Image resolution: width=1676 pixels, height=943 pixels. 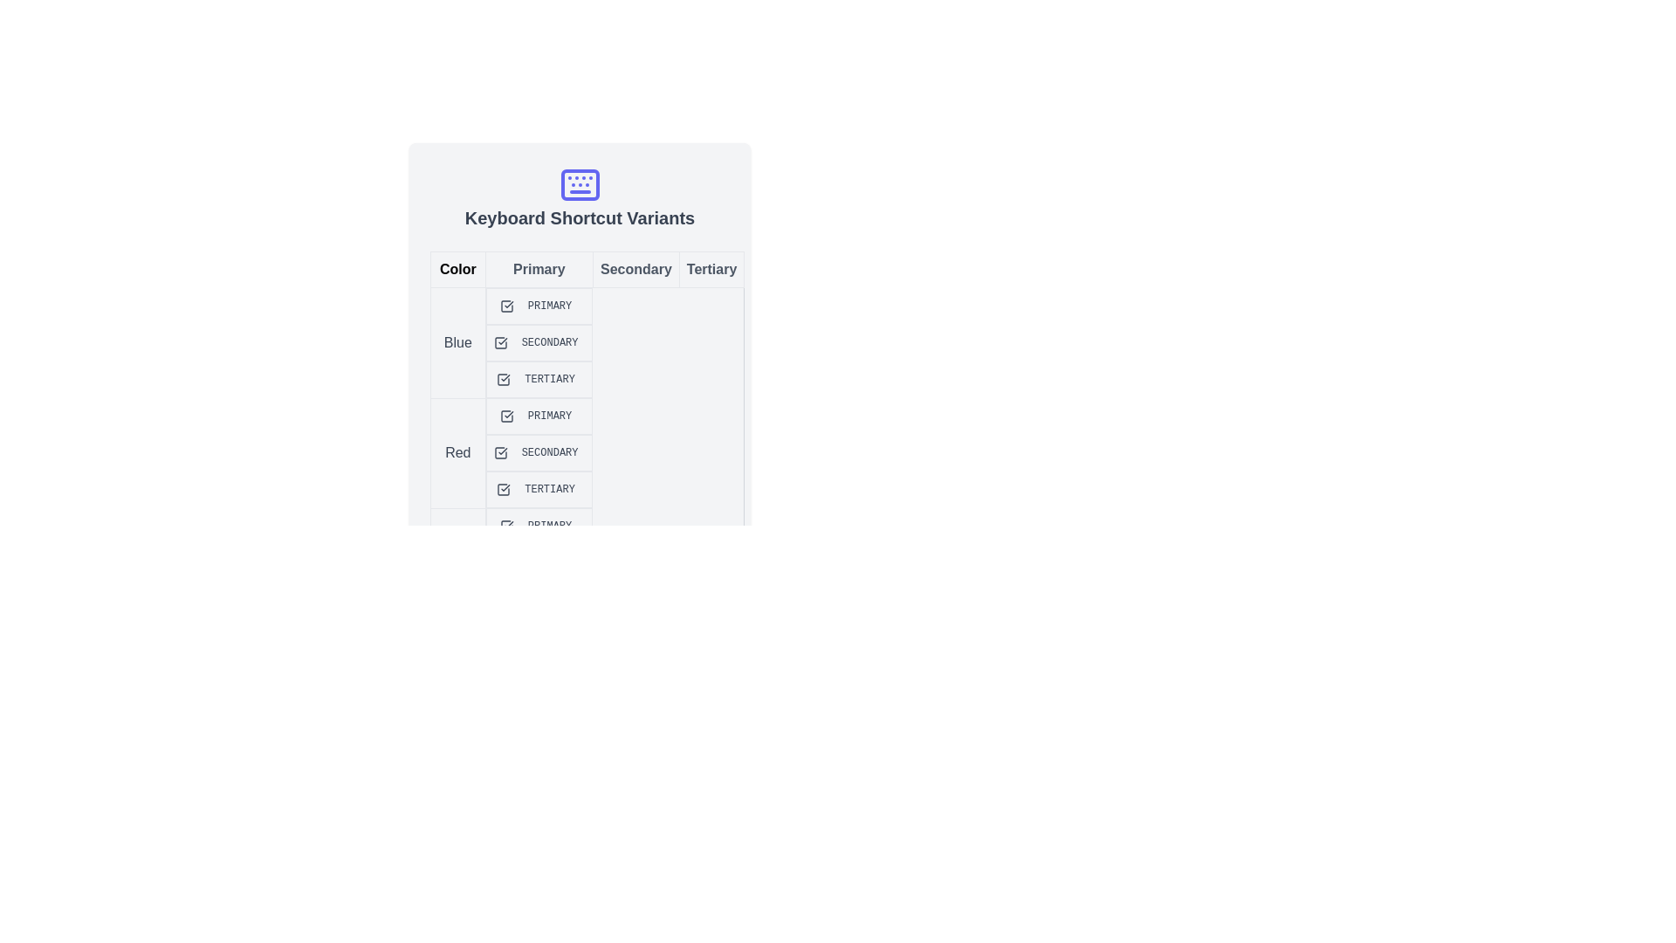 What do you see at coordinates (457, 342) in the screenshot?
I see `text displayed in the Text Label that shows 'Blue', located in the first row under the 'Color' column in a table-like structure` at bounding box center [457, 342].